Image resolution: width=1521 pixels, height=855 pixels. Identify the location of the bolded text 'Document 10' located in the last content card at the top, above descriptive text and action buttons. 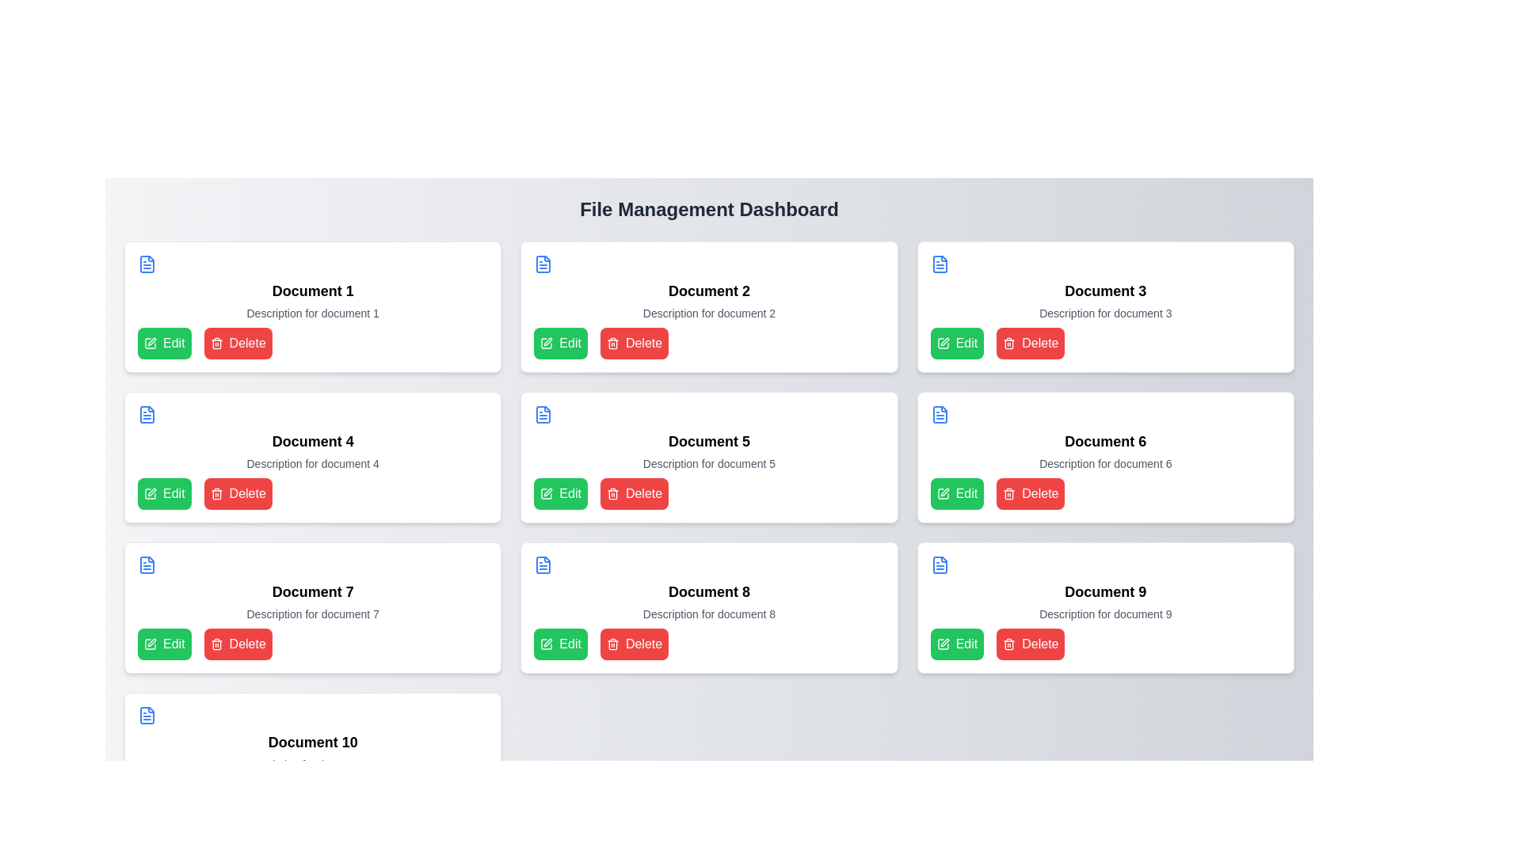
(313, 742).